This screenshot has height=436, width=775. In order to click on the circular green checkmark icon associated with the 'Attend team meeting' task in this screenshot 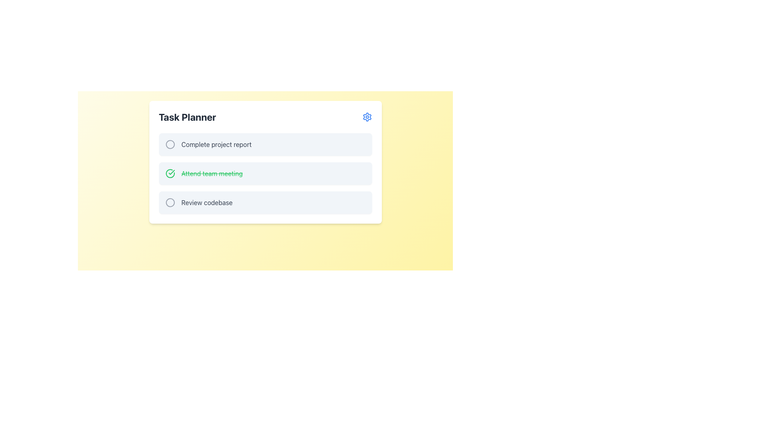, I will do `click(170, 173)`.